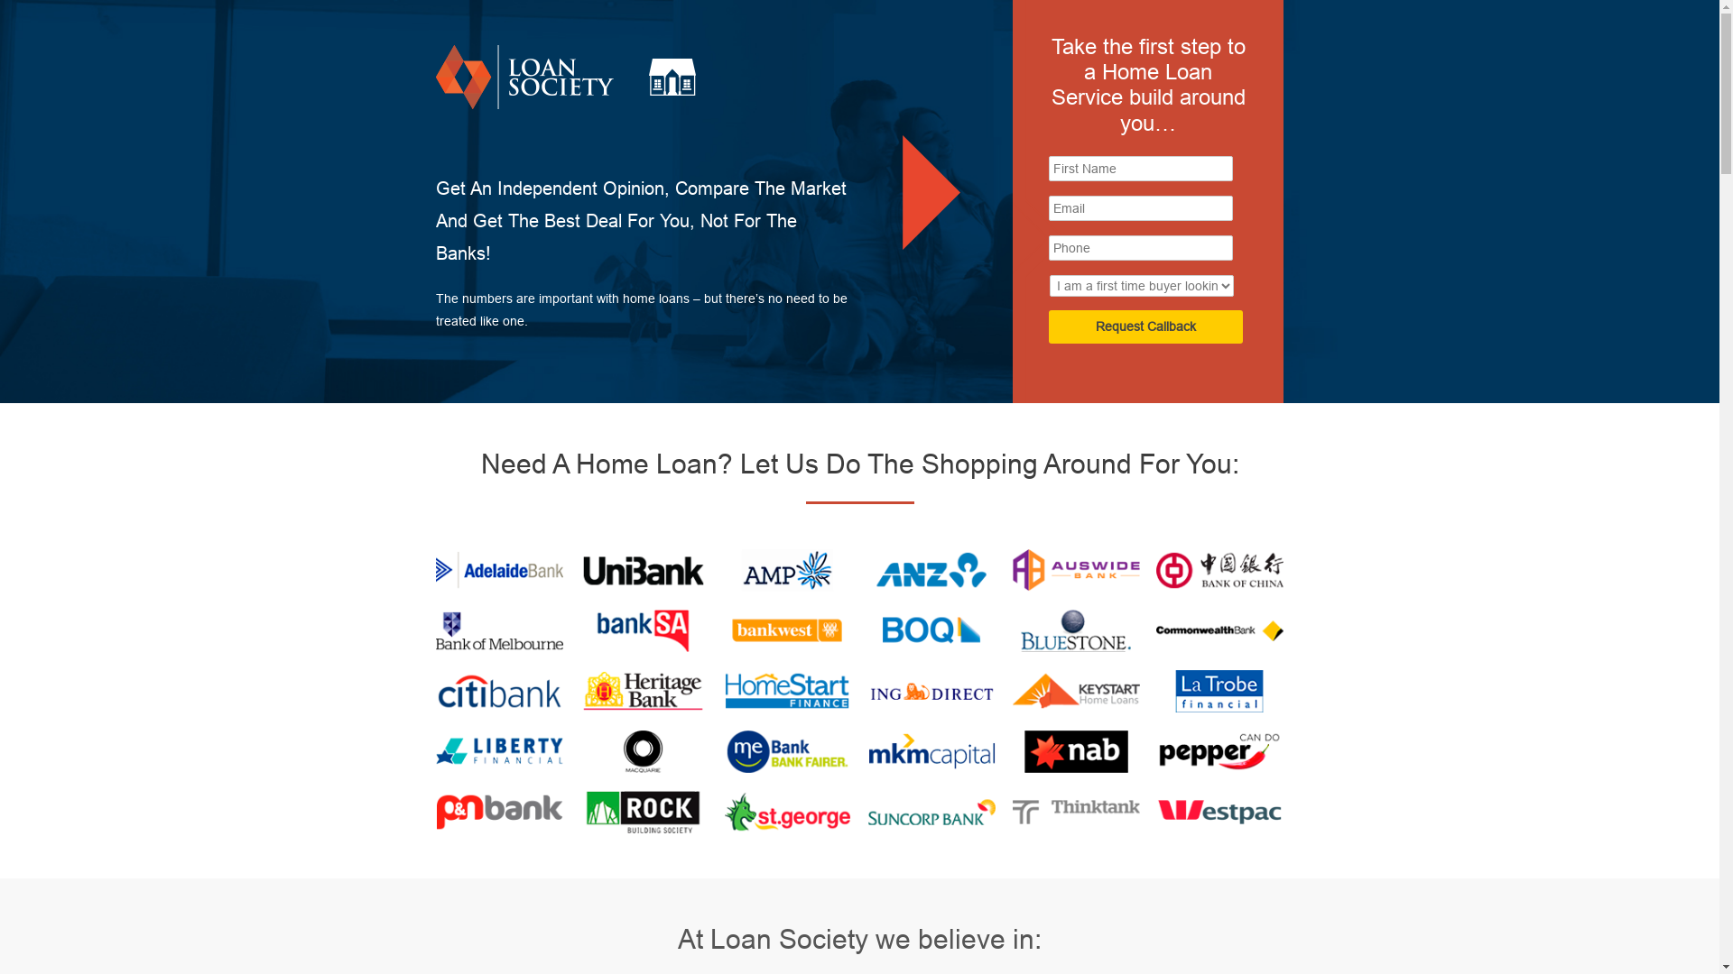 This screenshot has height=974, width=1733. Describe the element at coordinates (1145, 326) in the screenshot. I see `'Request Callback'` at that location.